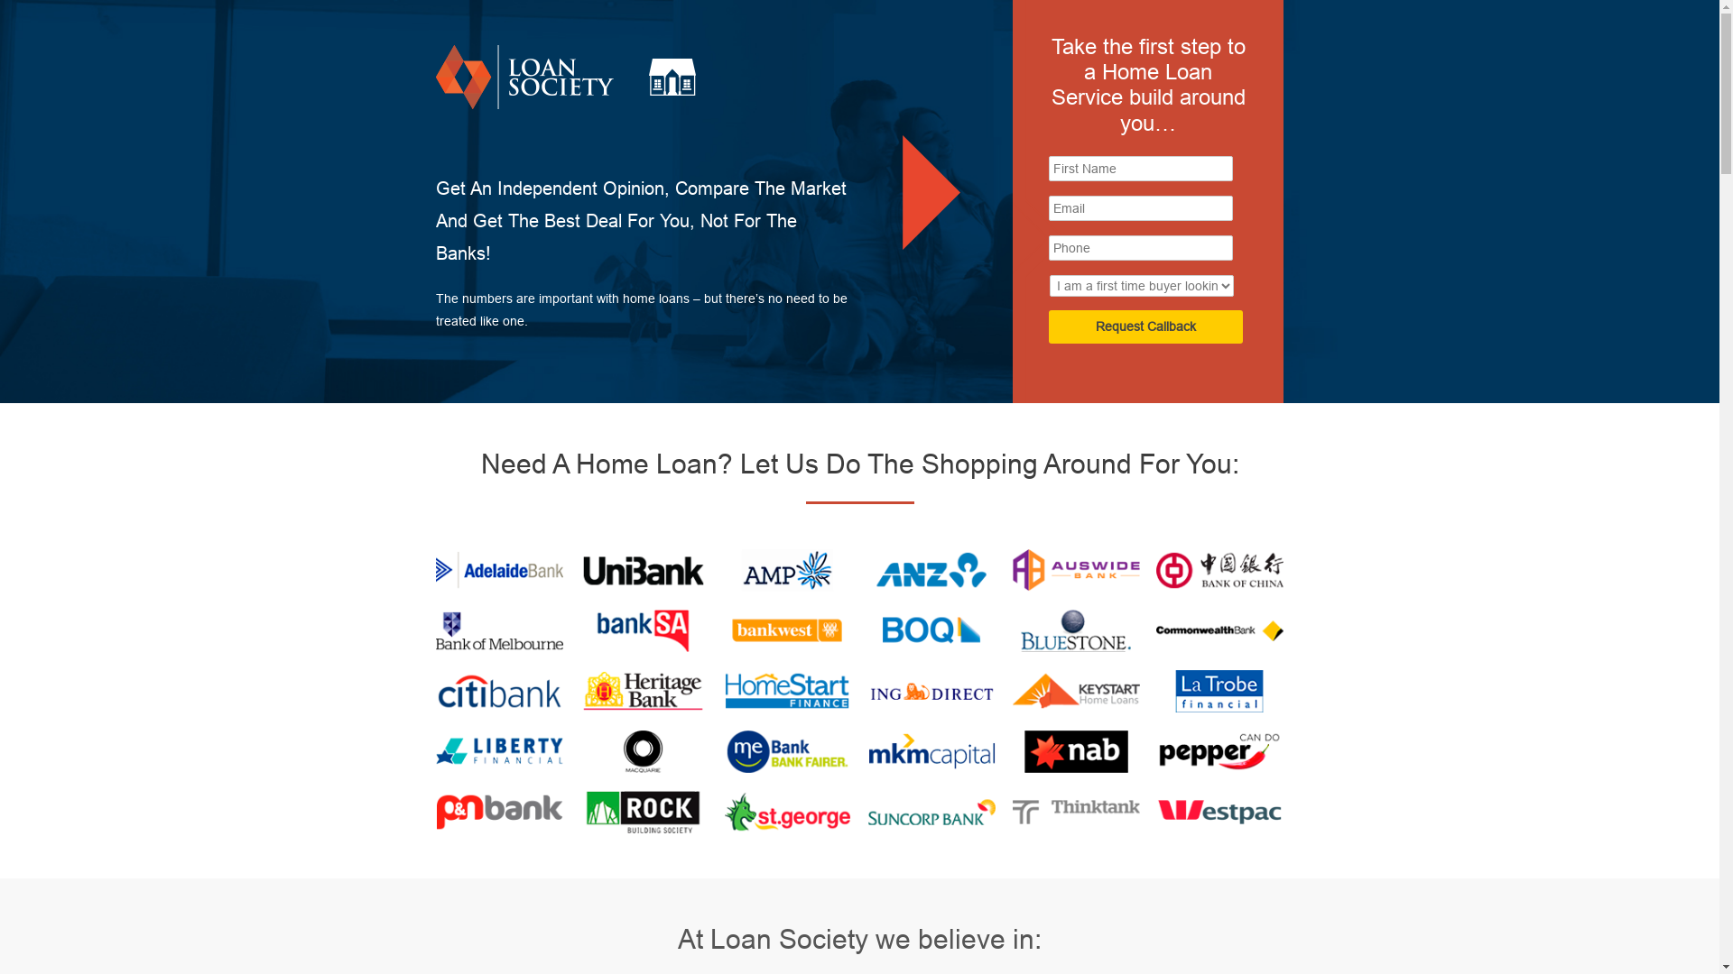 This screenshot has height=974, width=1733. Describe the element at coordinates (1145, 326) in the screenshot. I see `'Request Callback'` at that location.